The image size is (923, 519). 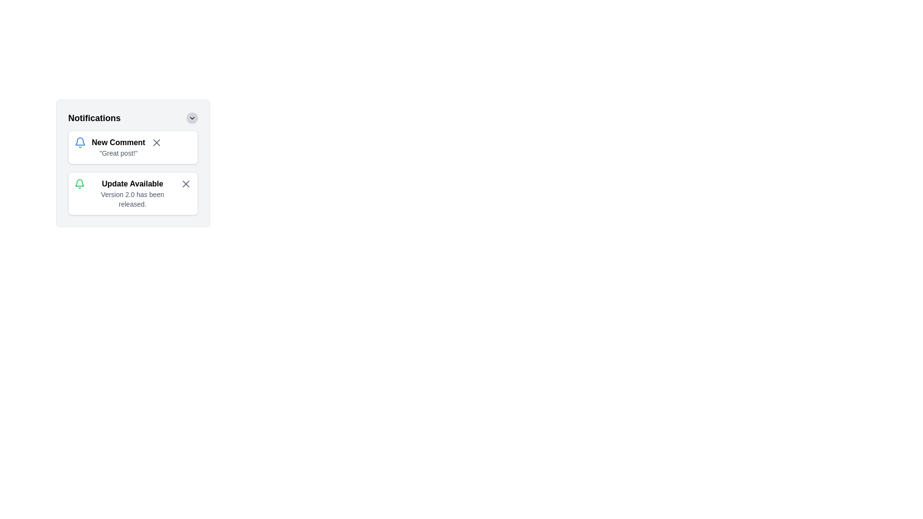 What do you see at coordinates (192, 118) in the screenshot?
I see `the circular button with a gray background and a downward-pointing chevron icon located in the top-right corner of the Notifications panel header` at bounding box center [192, 118].